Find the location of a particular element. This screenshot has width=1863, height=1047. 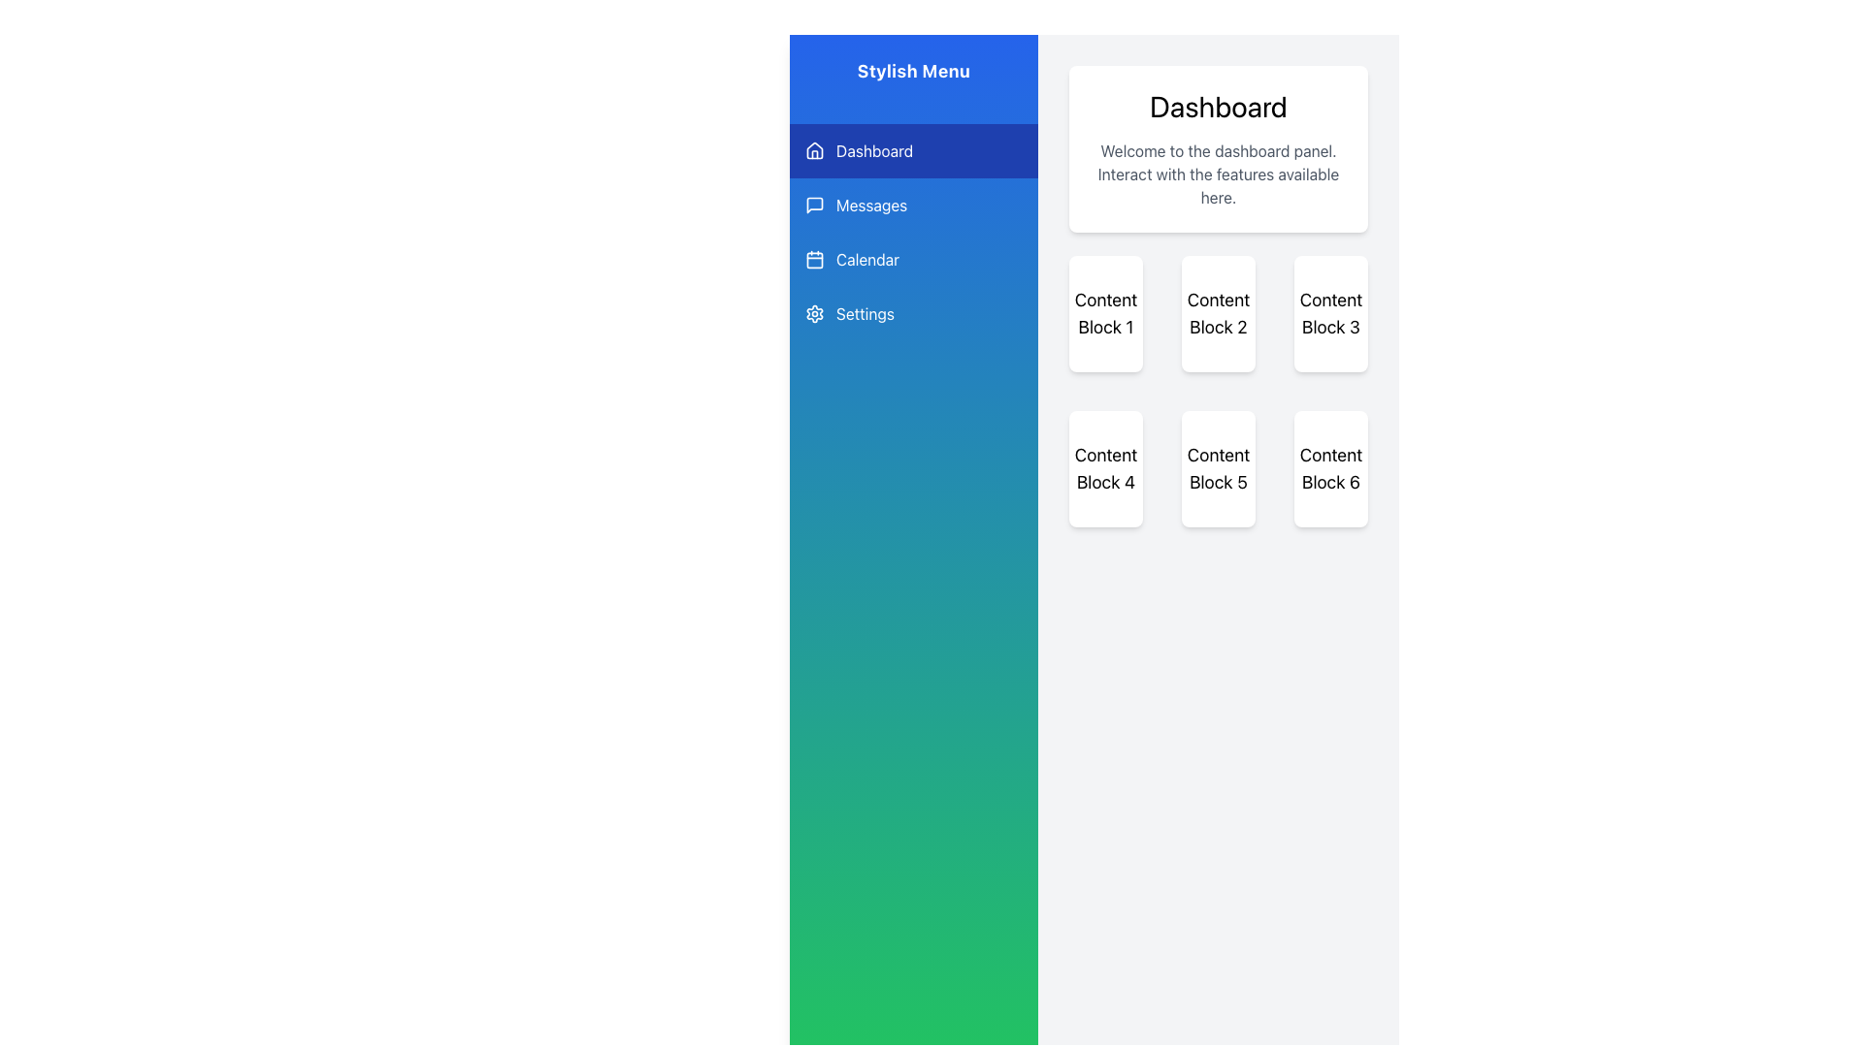

the 'Settings' text label, which is styled in white on a blue background and part of the vertical menu on the left side of the user interface is located at coordinates (865, 313).